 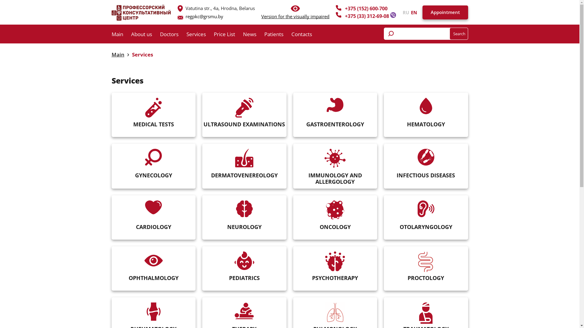 I want to click on 'Medical tests', so click(x=153, y=107).